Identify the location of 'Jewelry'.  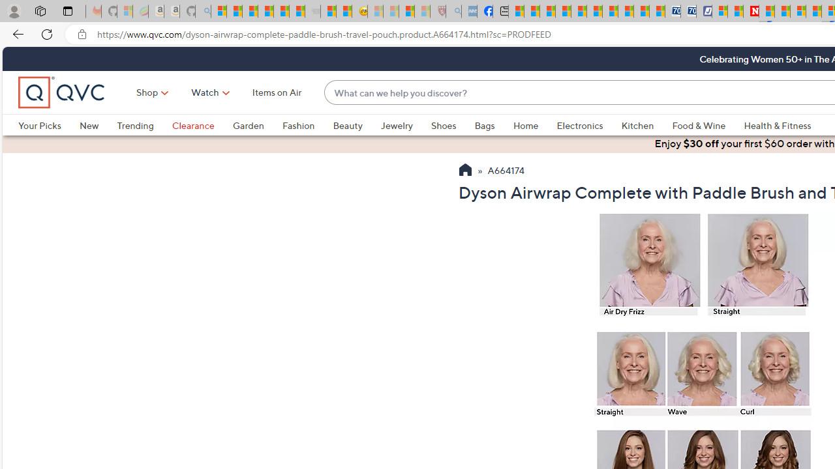
(404, 125).